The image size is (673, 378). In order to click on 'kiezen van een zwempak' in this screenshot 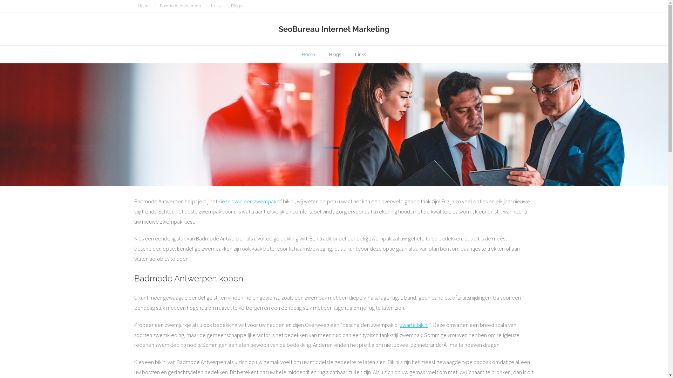, I will do `click(247, 201)`.